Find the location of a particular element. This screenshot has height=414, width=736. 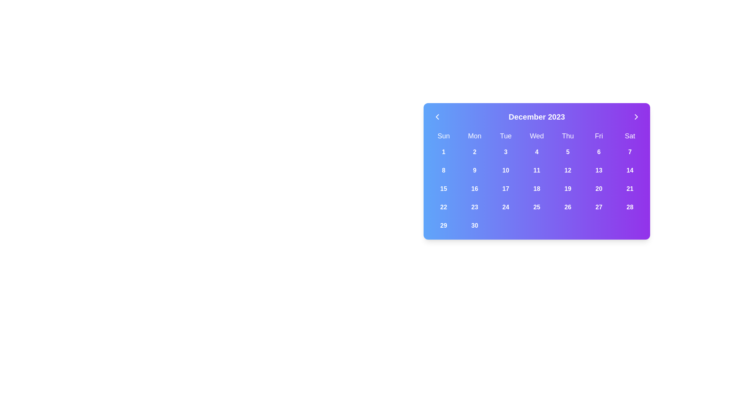

the interactive button representing the date '22' in the calendar grid under 'Fri' is located at coordinates (444, 207).